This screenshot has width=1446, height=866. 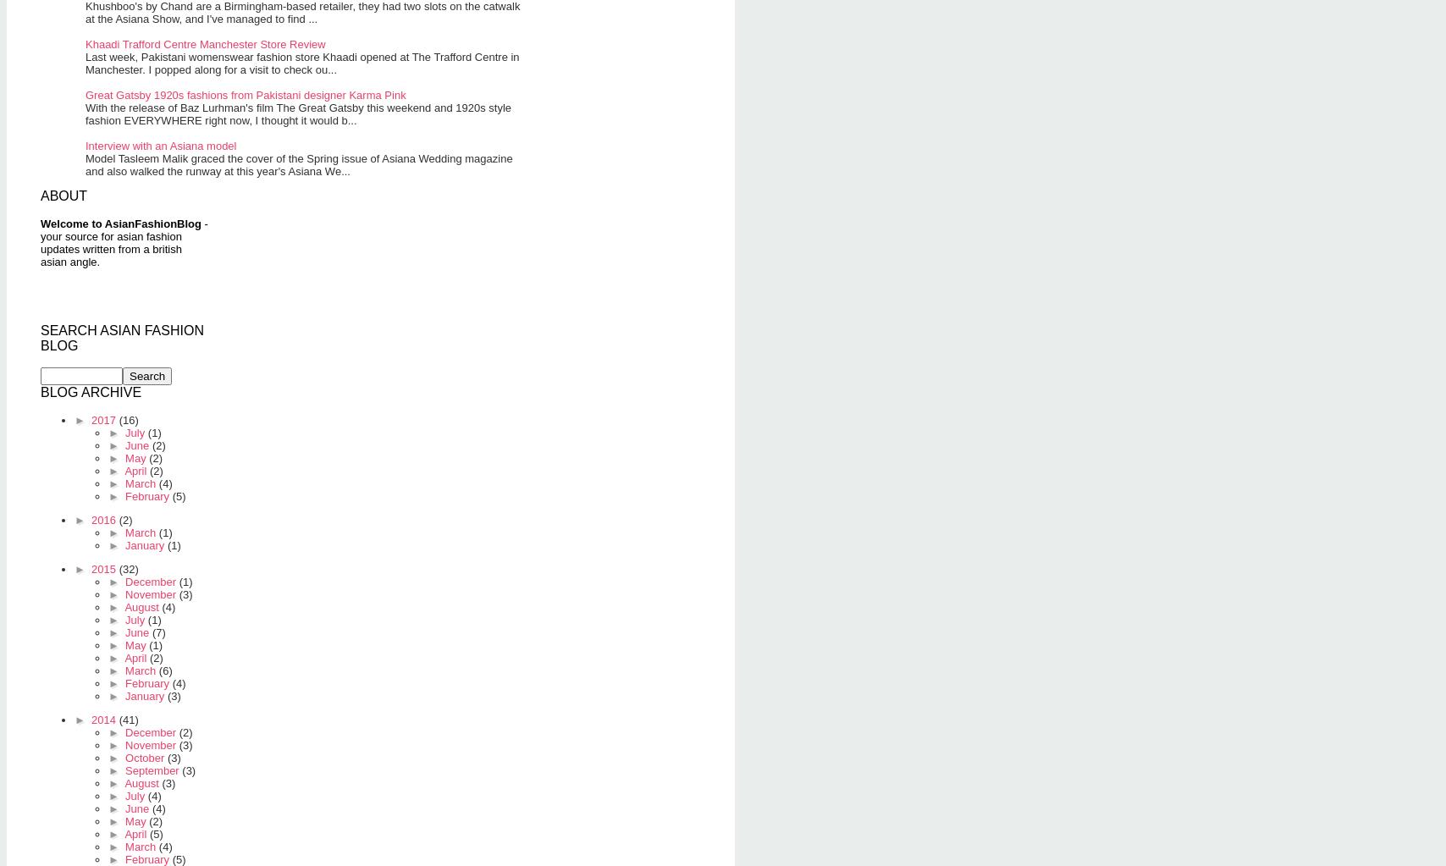 I want to click on '(6)', so click(x=165, y=670).